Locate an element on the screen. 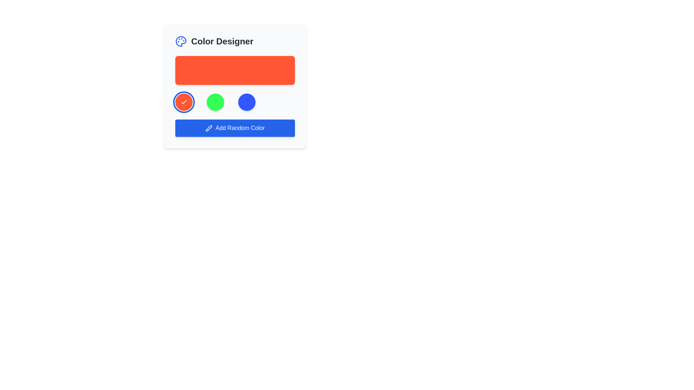 The width and height of the screenshot is (694, 390). the color selection cell in the Grid Layout of the 'Color Designer' is located at coordinates (235, 102).